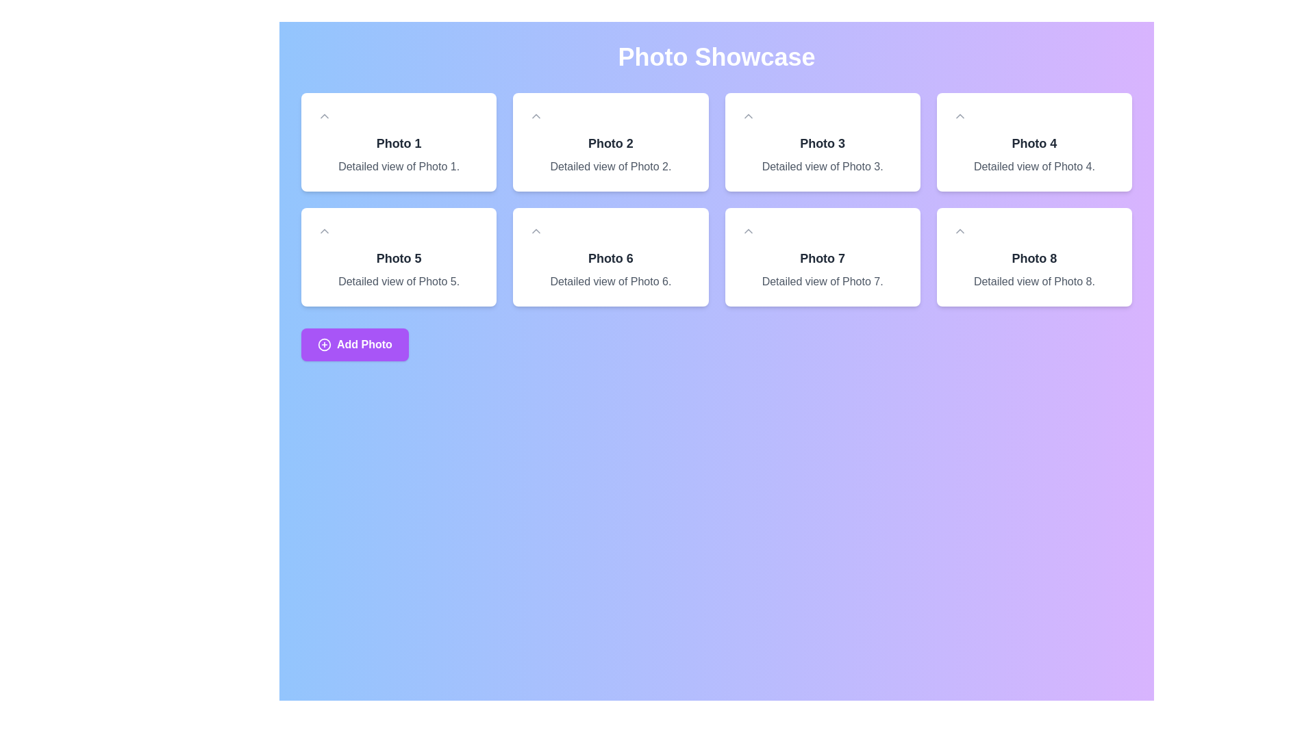 The image size is (1315, 739). What do you see at coordinates (610, 259) in the screenshot?
I see `the Text Label that identifies the associated photo section, located in the second row and third column of a 4x2 grid layout, between 'Photo 5' and 'Photo 7'` at bounding box center [610, 259].